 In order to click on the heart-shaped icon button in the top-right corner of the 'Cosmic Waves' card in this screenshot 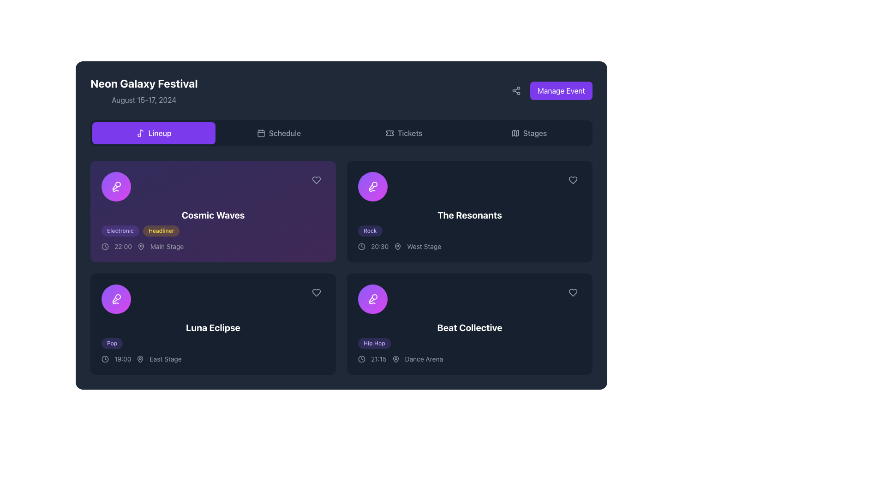, I will do `click(317, 180)`.